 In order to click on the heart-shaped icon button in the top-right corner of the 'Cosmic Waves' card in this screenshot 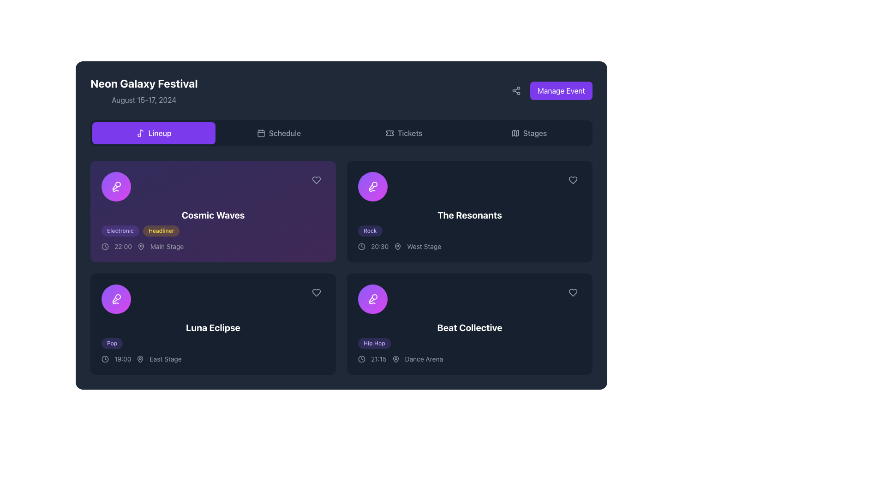, I will do `click(317, 180)`.